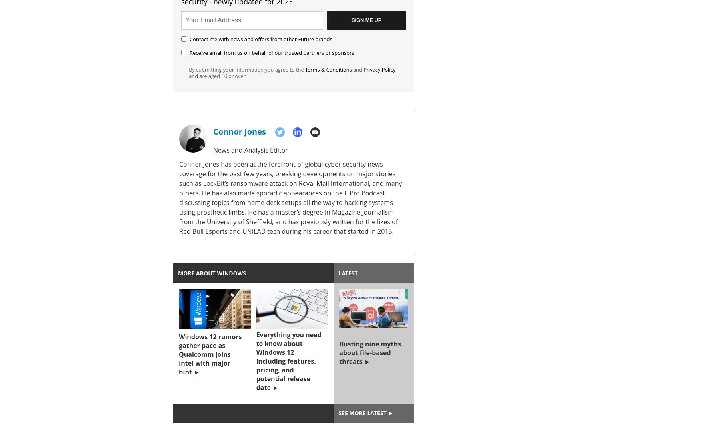 This screenshot has width=715, height=424. I want to click on 'and are aged 16 or over.', so click(189, 76).